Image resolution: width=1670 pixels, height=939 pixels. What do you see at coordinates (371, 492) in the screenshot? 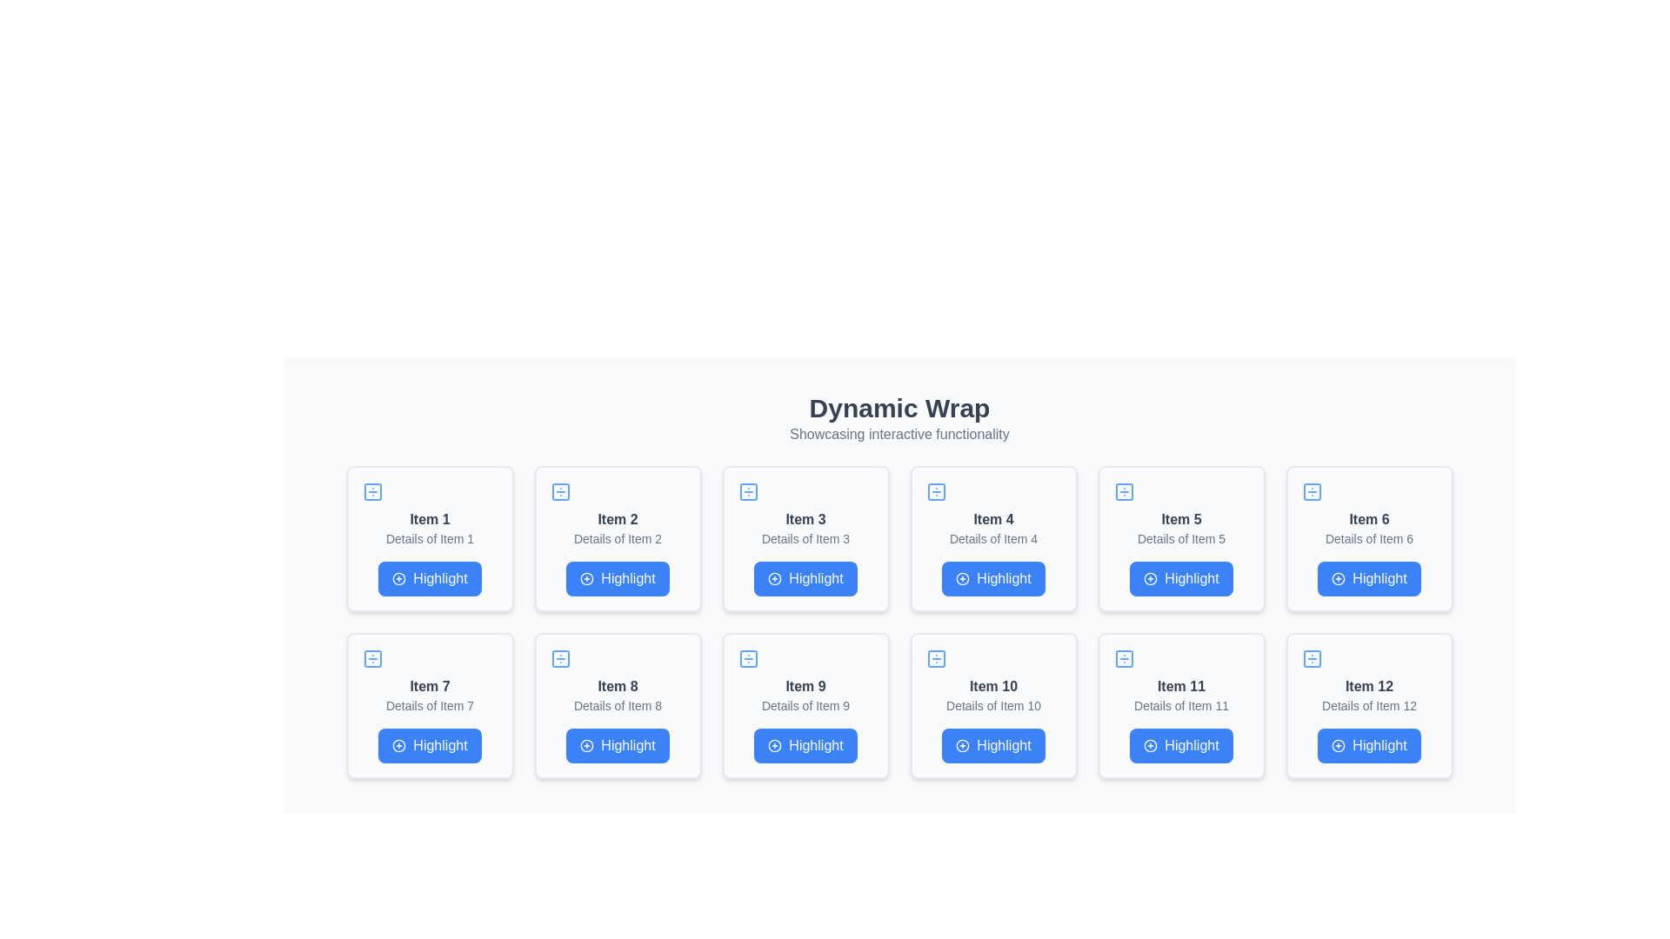
I see `the small square icon with a blue divider symbol located in the upper-left card labeled 'Item 1', positioned centrally near the top edge` at bounding box center [371, 492].